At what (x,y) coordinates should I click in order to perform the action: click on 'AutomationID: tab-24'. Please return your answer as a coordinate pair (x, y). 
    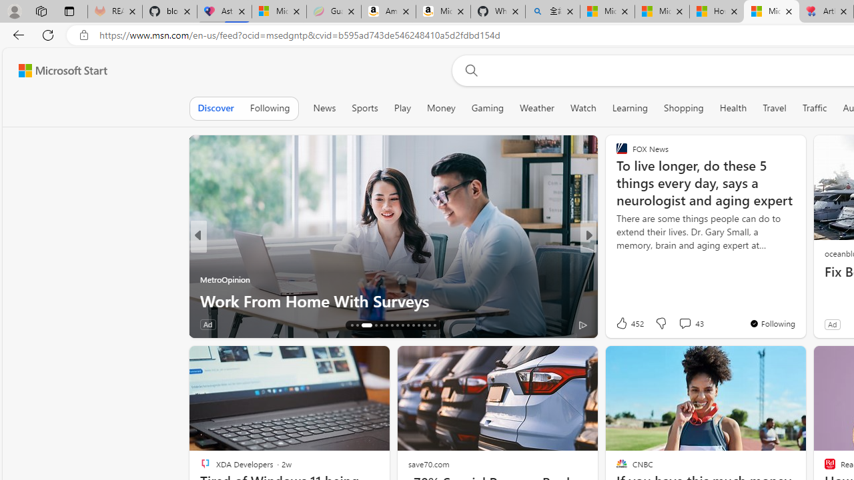
    Looking at the image, I should click on (402, 325).